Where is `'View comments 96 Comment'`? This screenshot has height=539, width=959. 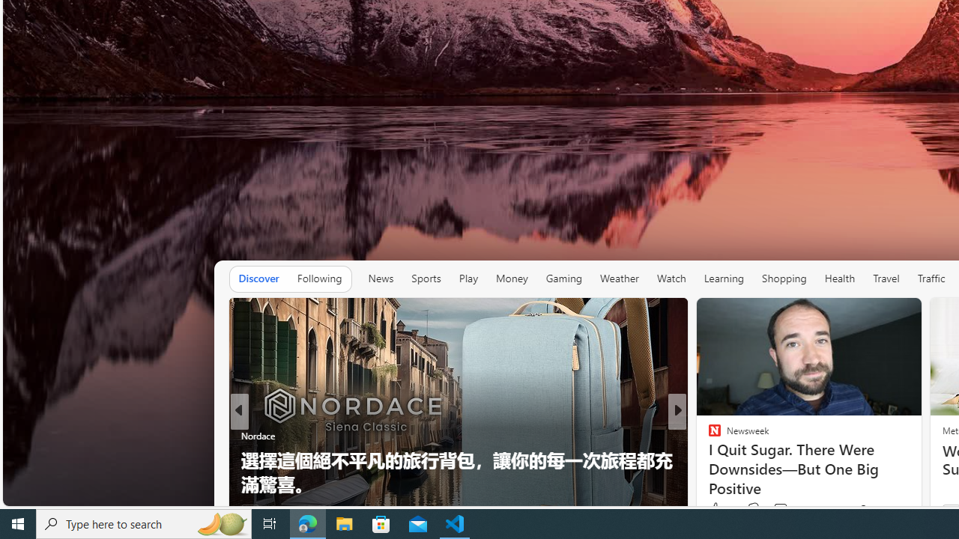 'View comments 96 Comment' is located at coordinates (782, 509).